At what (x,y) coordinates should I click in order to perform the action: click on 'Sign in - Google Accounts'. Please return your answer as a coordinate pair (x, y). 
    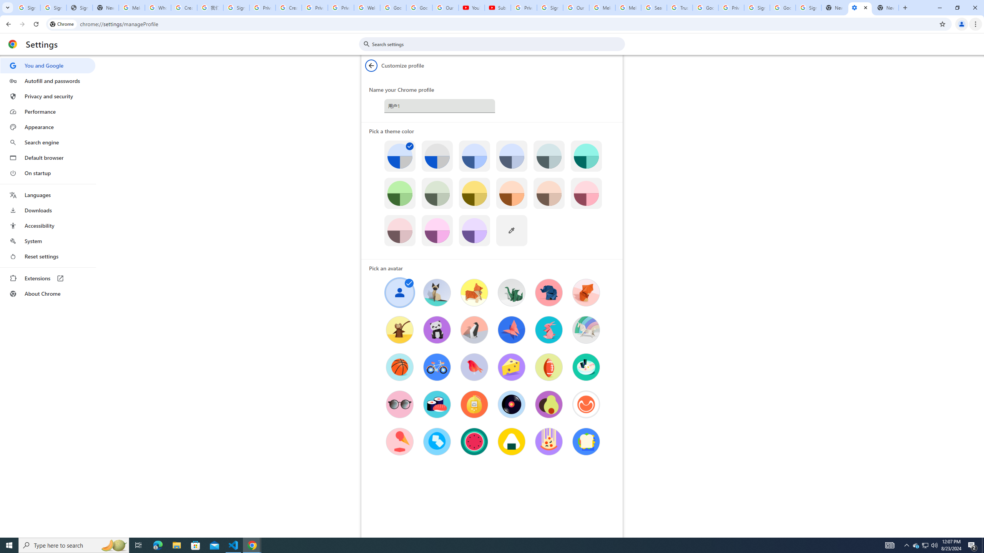
    Looking at the image, I should click on (756, 7).